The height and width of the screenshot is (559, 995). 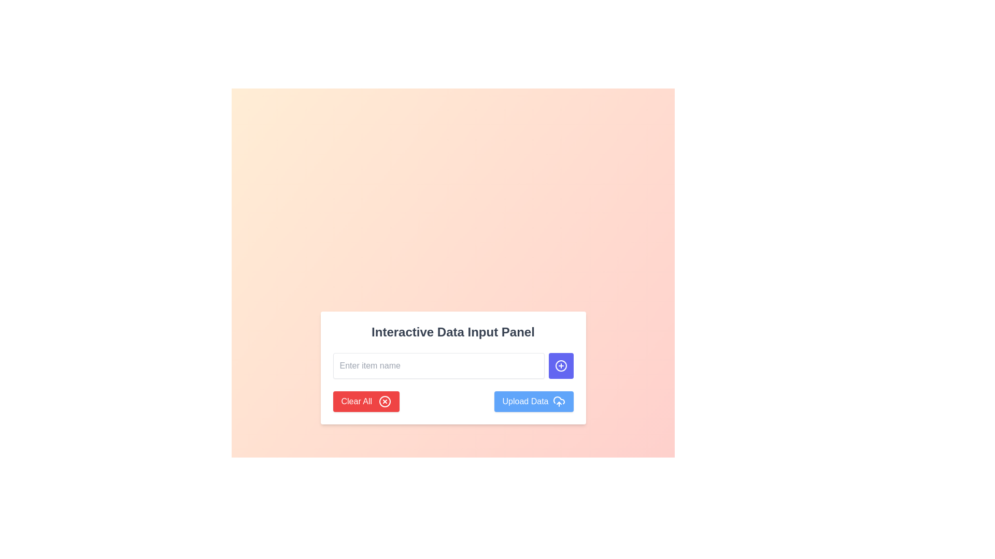 I want to click on the 'Clear All' button, which is a rectangular button with rounded corners, featuring a red background and white text, located below the 'Enter item name' text input and to the left of the 'Upload Data' button, so click(x=366, y=401).